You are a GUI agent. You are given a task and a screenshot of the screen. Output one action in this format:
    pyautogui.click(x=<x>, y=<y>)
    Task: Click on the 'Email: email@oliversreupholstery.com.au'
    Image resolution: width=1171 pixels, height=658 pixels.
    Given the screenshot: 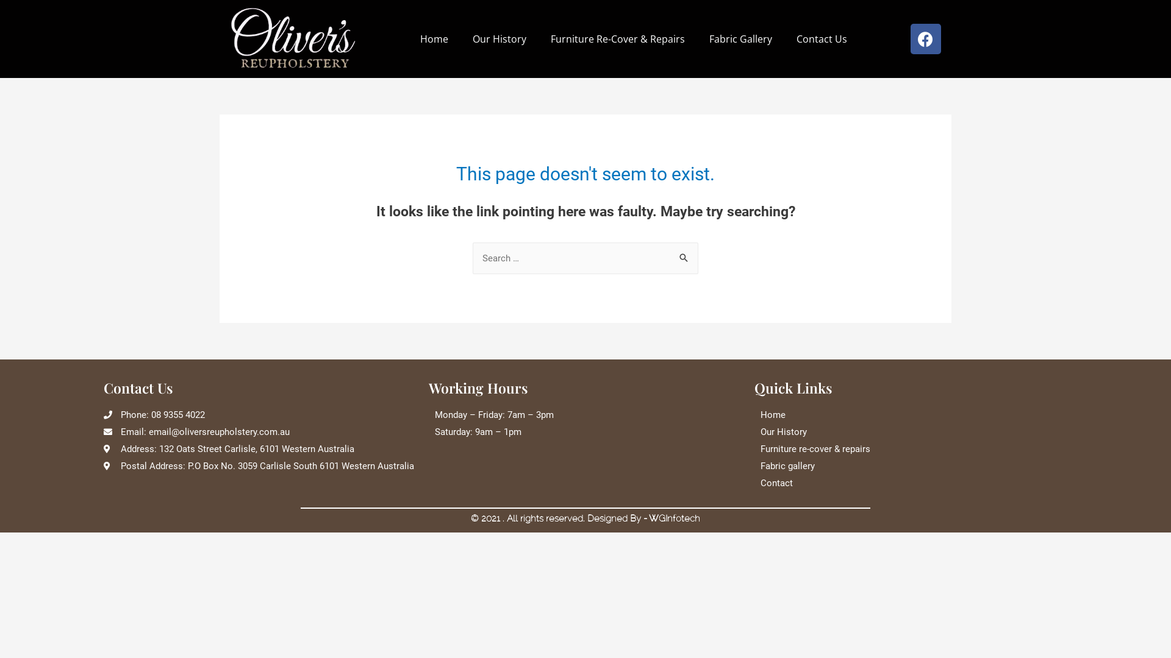 What is the action you would take?
    pyautogui.click(x=259, y=431)
    